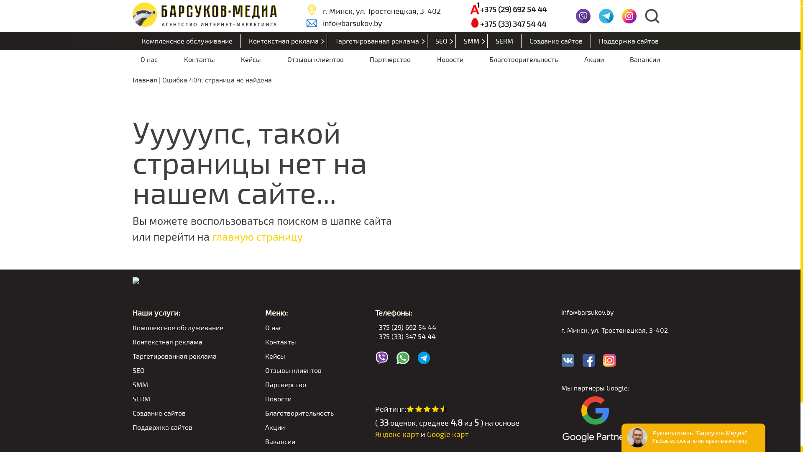 Image resolution: width=803 pixels, height=452 pixels. What do you see at coordinates (177, 398) in the screenshot?
I see `'SERM'` at bounding box center [177, 398].